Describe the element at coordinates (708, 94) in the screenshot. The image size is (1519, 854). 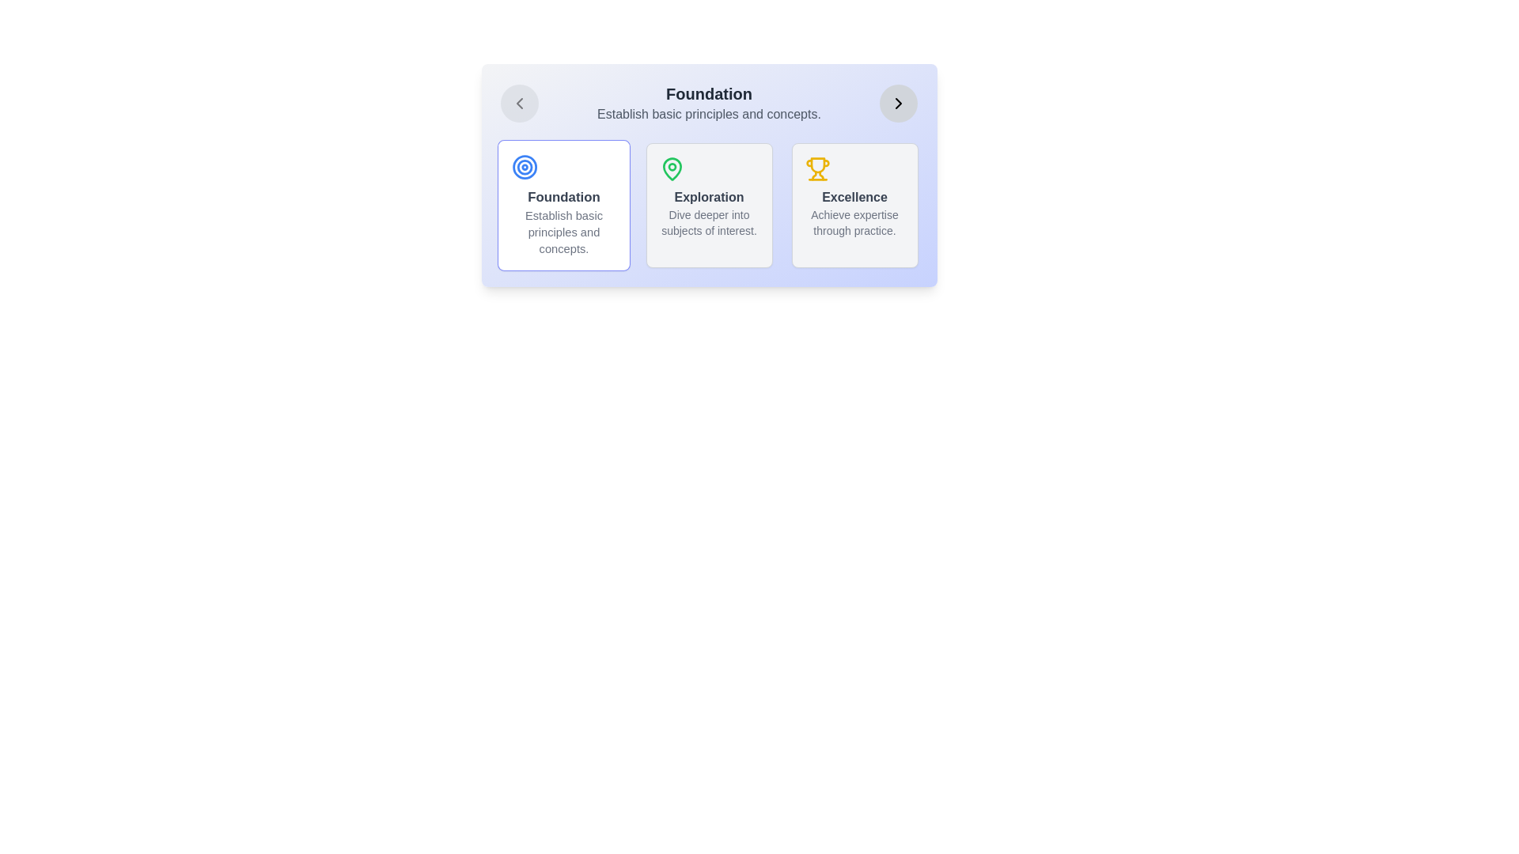
I see `the static text element that serves as a title or header for the section, which displays the text 'Foundation'` at that location.